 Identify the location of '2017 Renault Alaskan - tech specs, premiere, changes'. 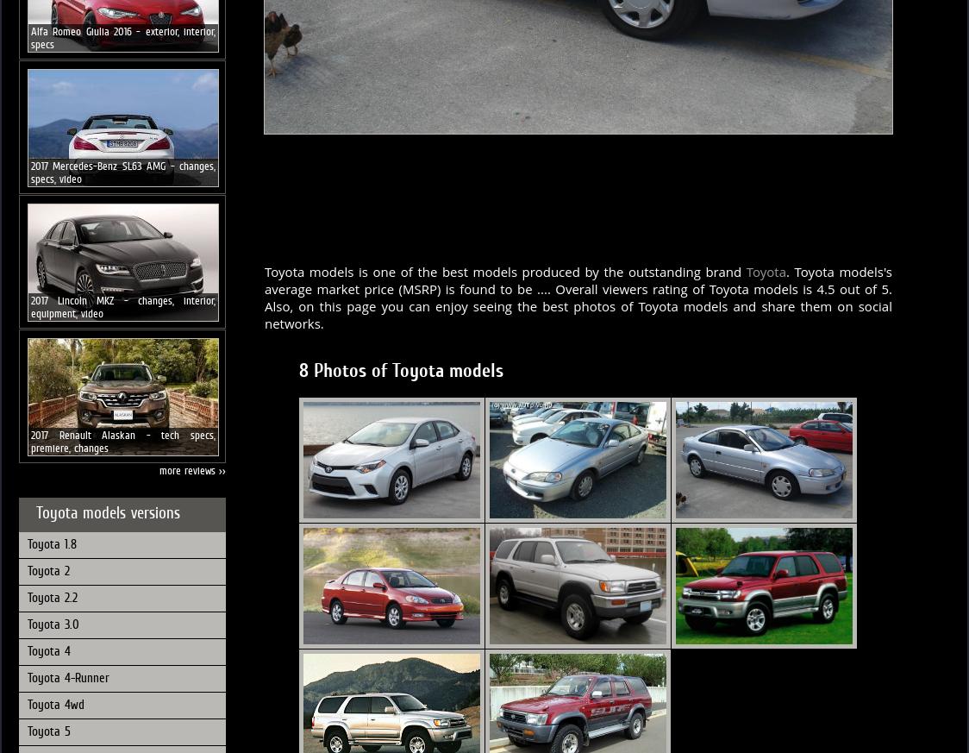
(122, 440).